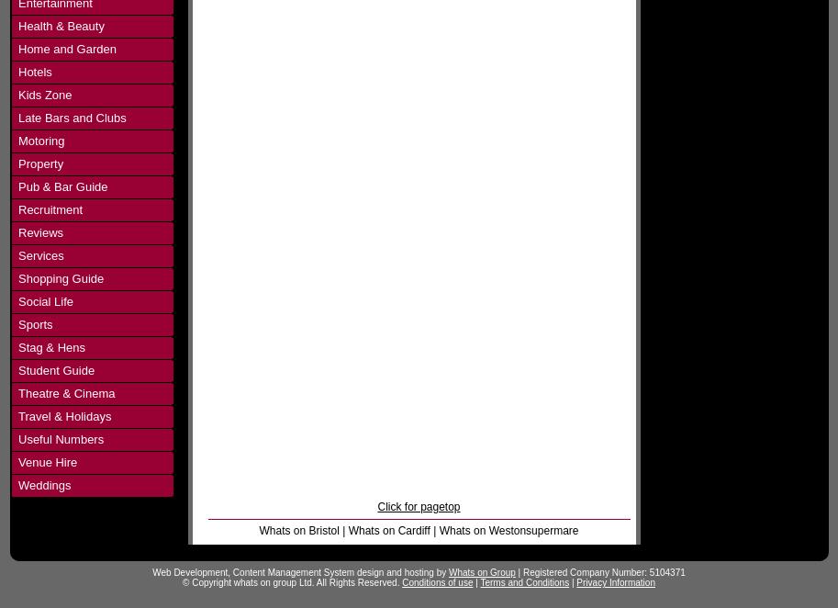 Image resolution: width=838 pixels, height=608 pixels. What do you see at coordinates (17, 300) in the screenshot?
I see `'Social Life'` at bounding box center [17, 300].